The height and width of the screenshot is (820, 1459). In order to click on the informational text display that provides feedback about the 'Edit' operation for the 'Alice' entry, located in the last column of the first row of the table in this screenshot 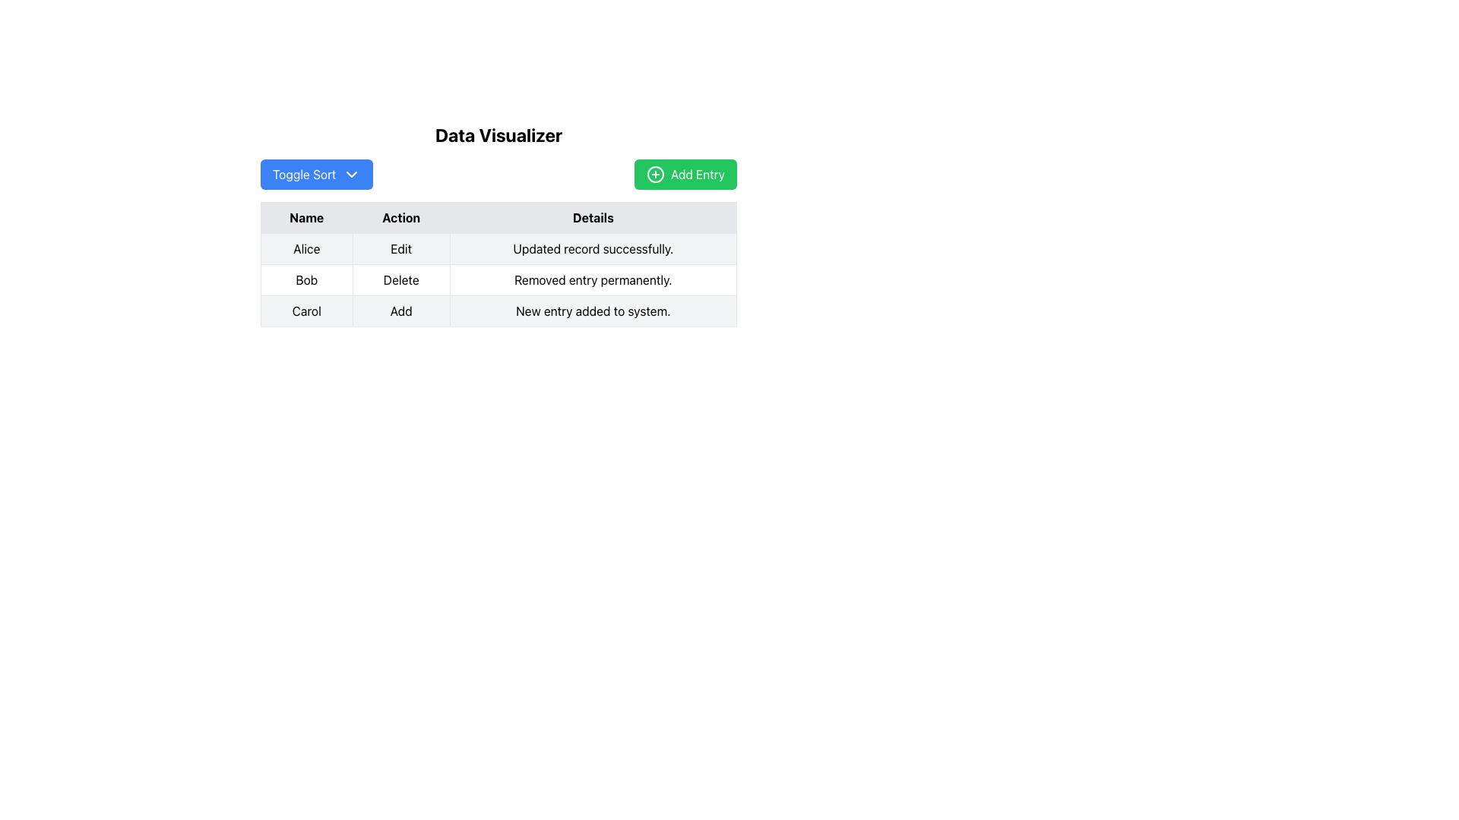, I will do `click(592, 248)`.